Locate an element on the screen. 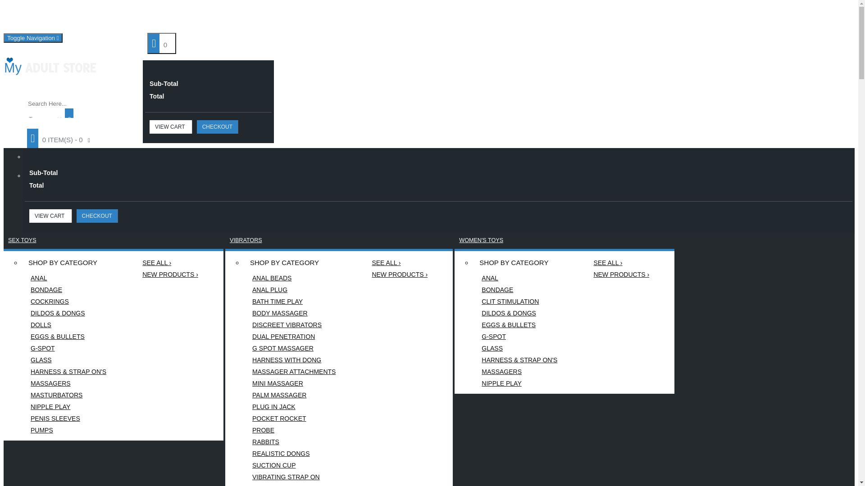 The image size is (865, 486). 'BATH TIME PLAY' is located at coordinates (243, 301).